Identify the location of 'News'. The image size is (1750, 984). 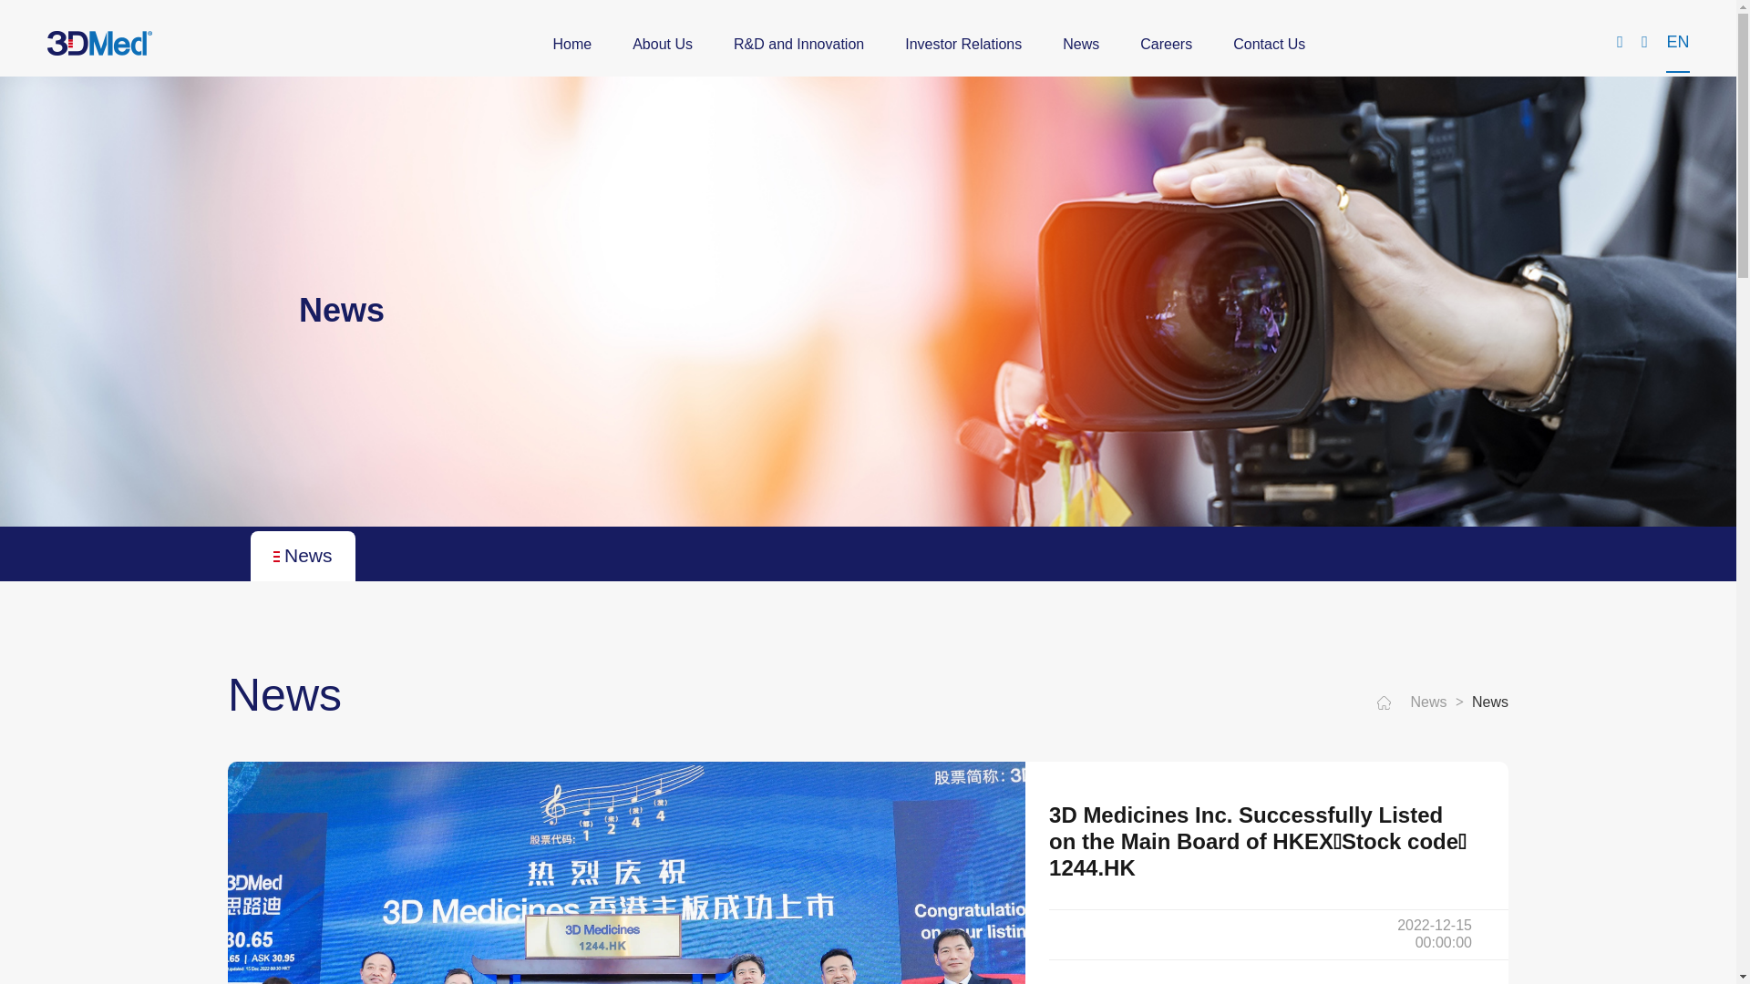
(1080, 44).